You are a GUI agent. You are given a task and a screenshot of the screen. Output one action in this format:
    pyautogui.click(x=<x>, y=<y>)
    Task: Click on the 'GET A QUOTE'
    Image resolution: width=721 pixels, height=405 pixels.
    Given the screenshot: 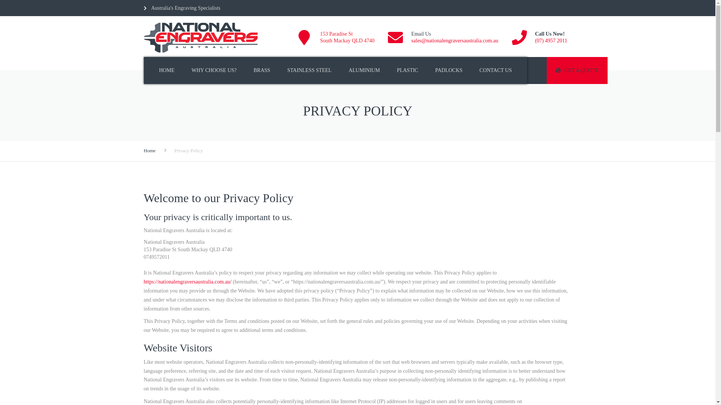 What is the action you would take?
    pyautogui.click(x=576, y=70)
    